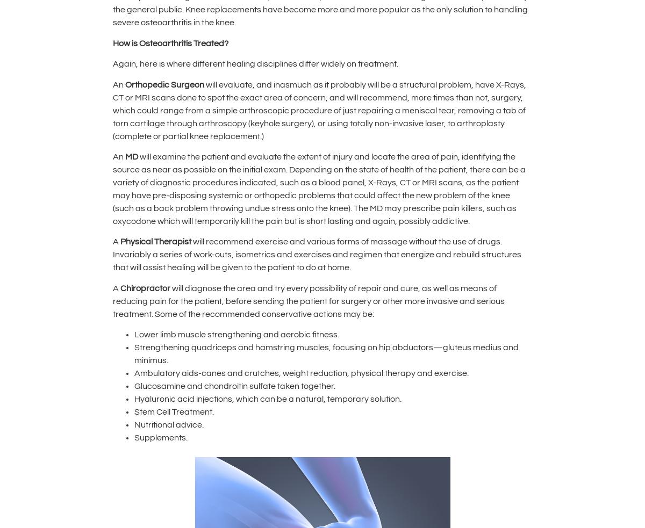 This screenshot has width=645, height=528. What do you see at coordinates (156, 241) in the screenshot?
I see `'Physical Therapist'` at bounding box center [156, 241].